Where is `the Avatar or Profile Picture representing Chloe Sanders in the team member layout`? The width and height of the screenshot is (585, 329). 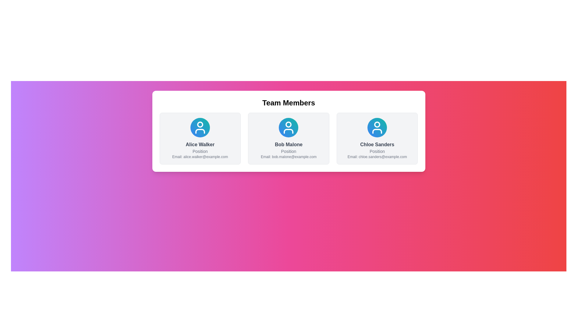 the Avatar or Profile Picture representing Chloe Sanders in the team member layout is located at coordinates (377, 127).